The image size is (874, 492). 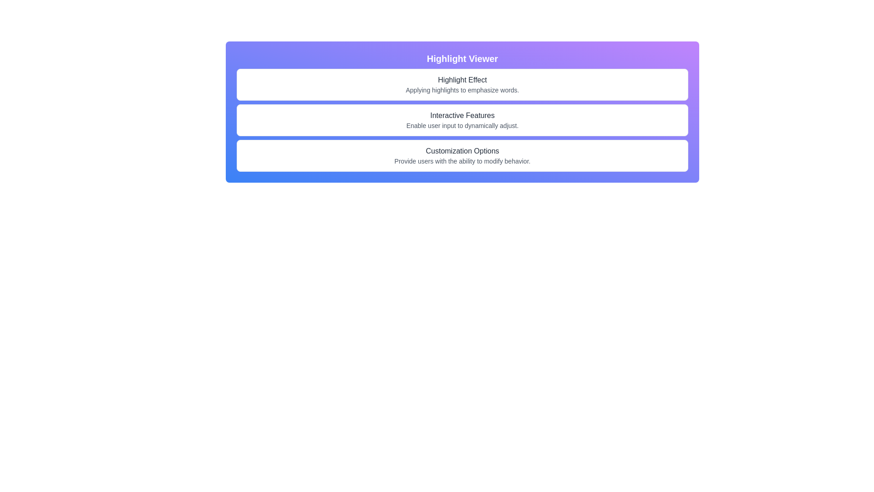 What do you see at coordinates (442, 150) in the screenshot?
I see `the character 'o' in the word 'Customization' within the text block 'Customization Options' located in the bottom section titled 'Highlight Viewer'` at bounding box center [442, 150].